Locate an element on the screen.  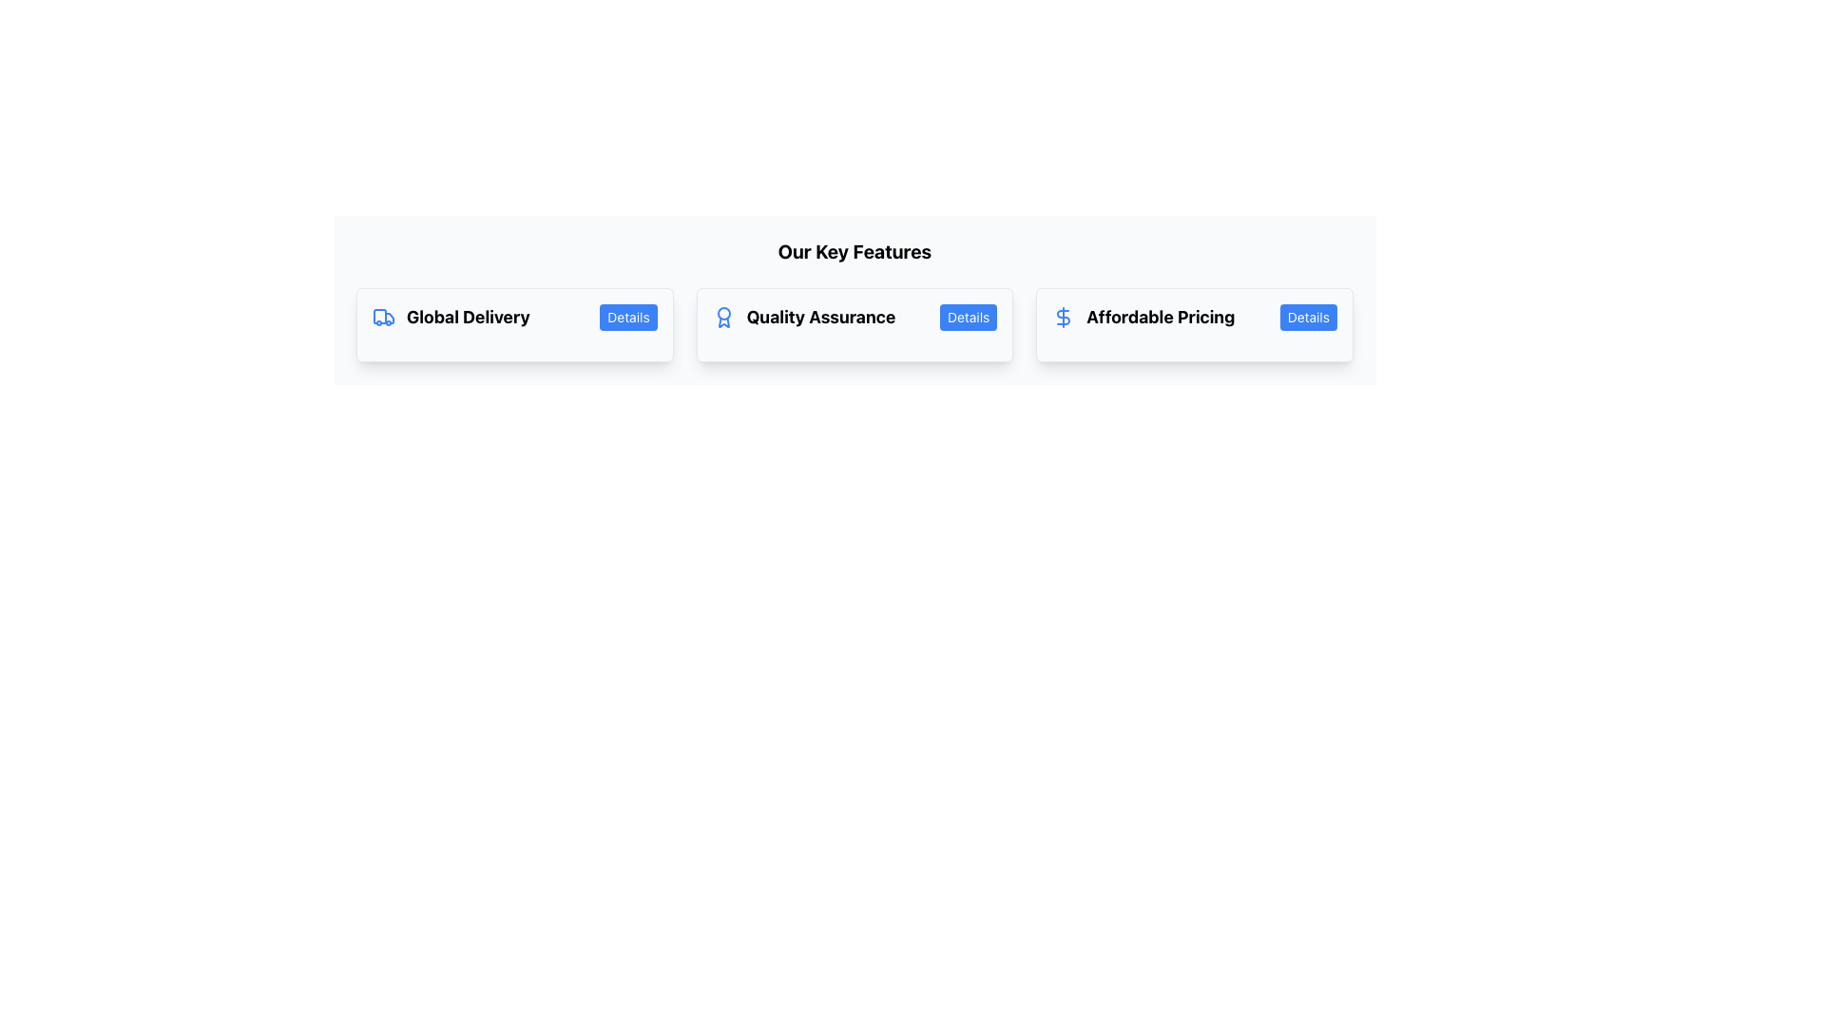
the interactive button for 'Affordable Pricing' is located at coordinates (1307, 317).